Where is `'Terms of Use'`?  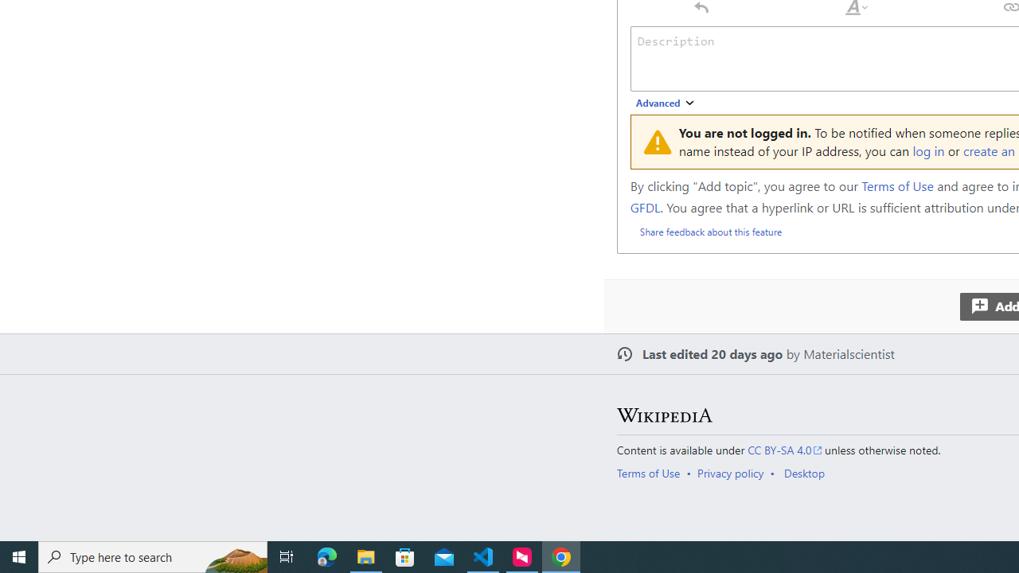
'Terms of Use' is located at coordinates (648, 472).